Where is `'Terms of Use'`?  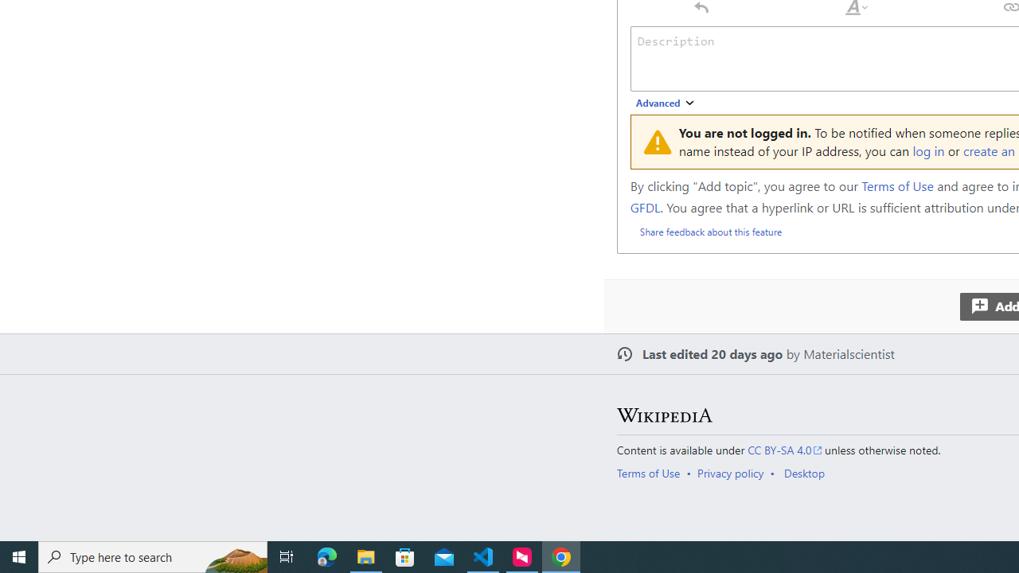
'Terms of Use' is located at coordinates (648, 472).